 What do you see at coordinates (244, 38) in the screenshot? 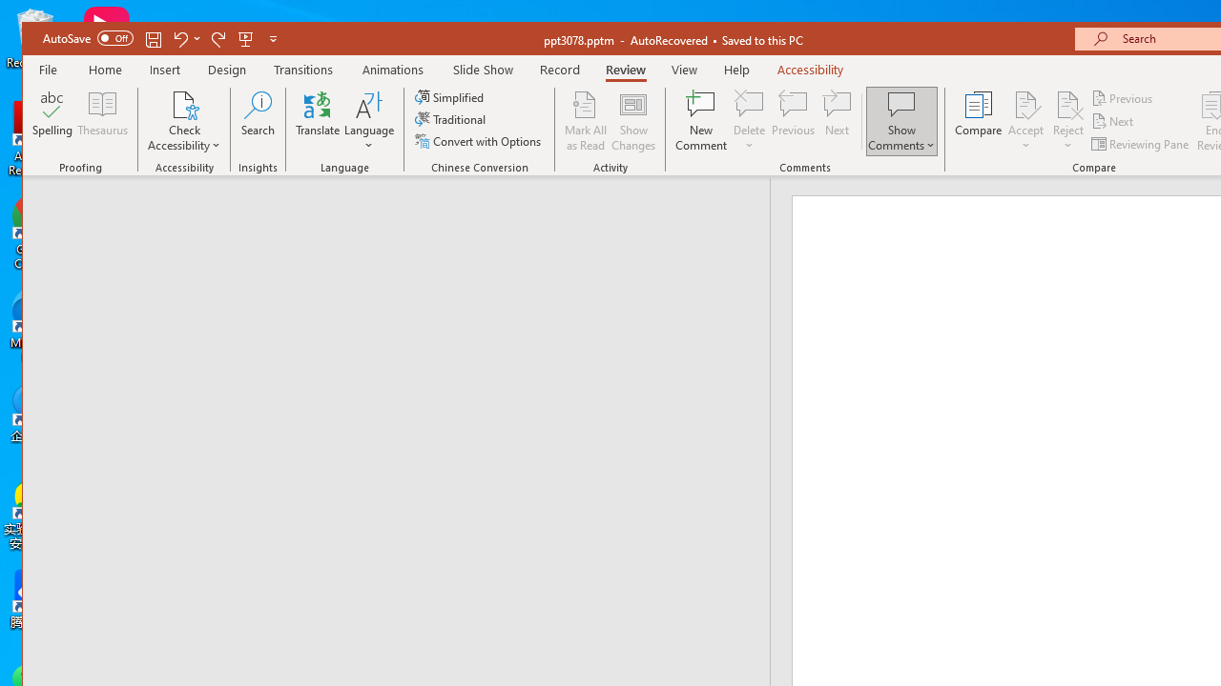
I see `'From Beginning'` at bounding box center [244, 38].